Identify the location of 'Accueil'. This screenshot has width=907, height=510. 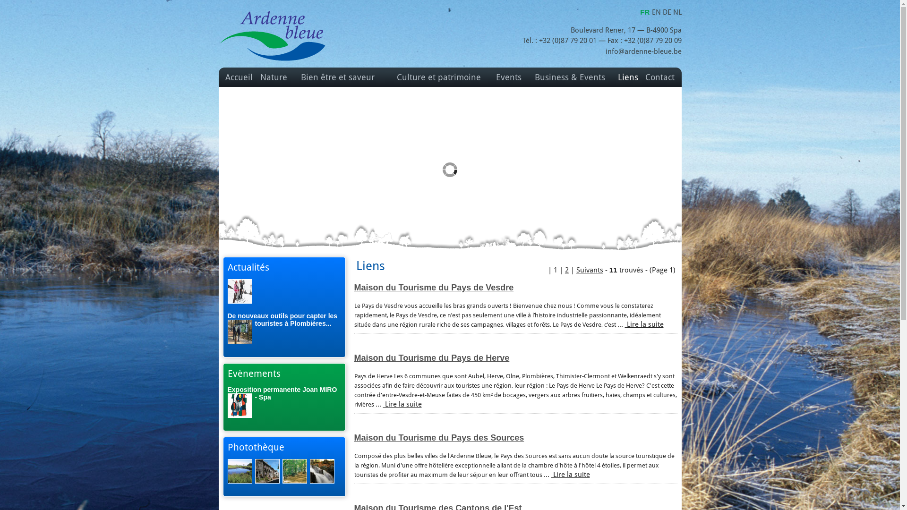
(239, 77).